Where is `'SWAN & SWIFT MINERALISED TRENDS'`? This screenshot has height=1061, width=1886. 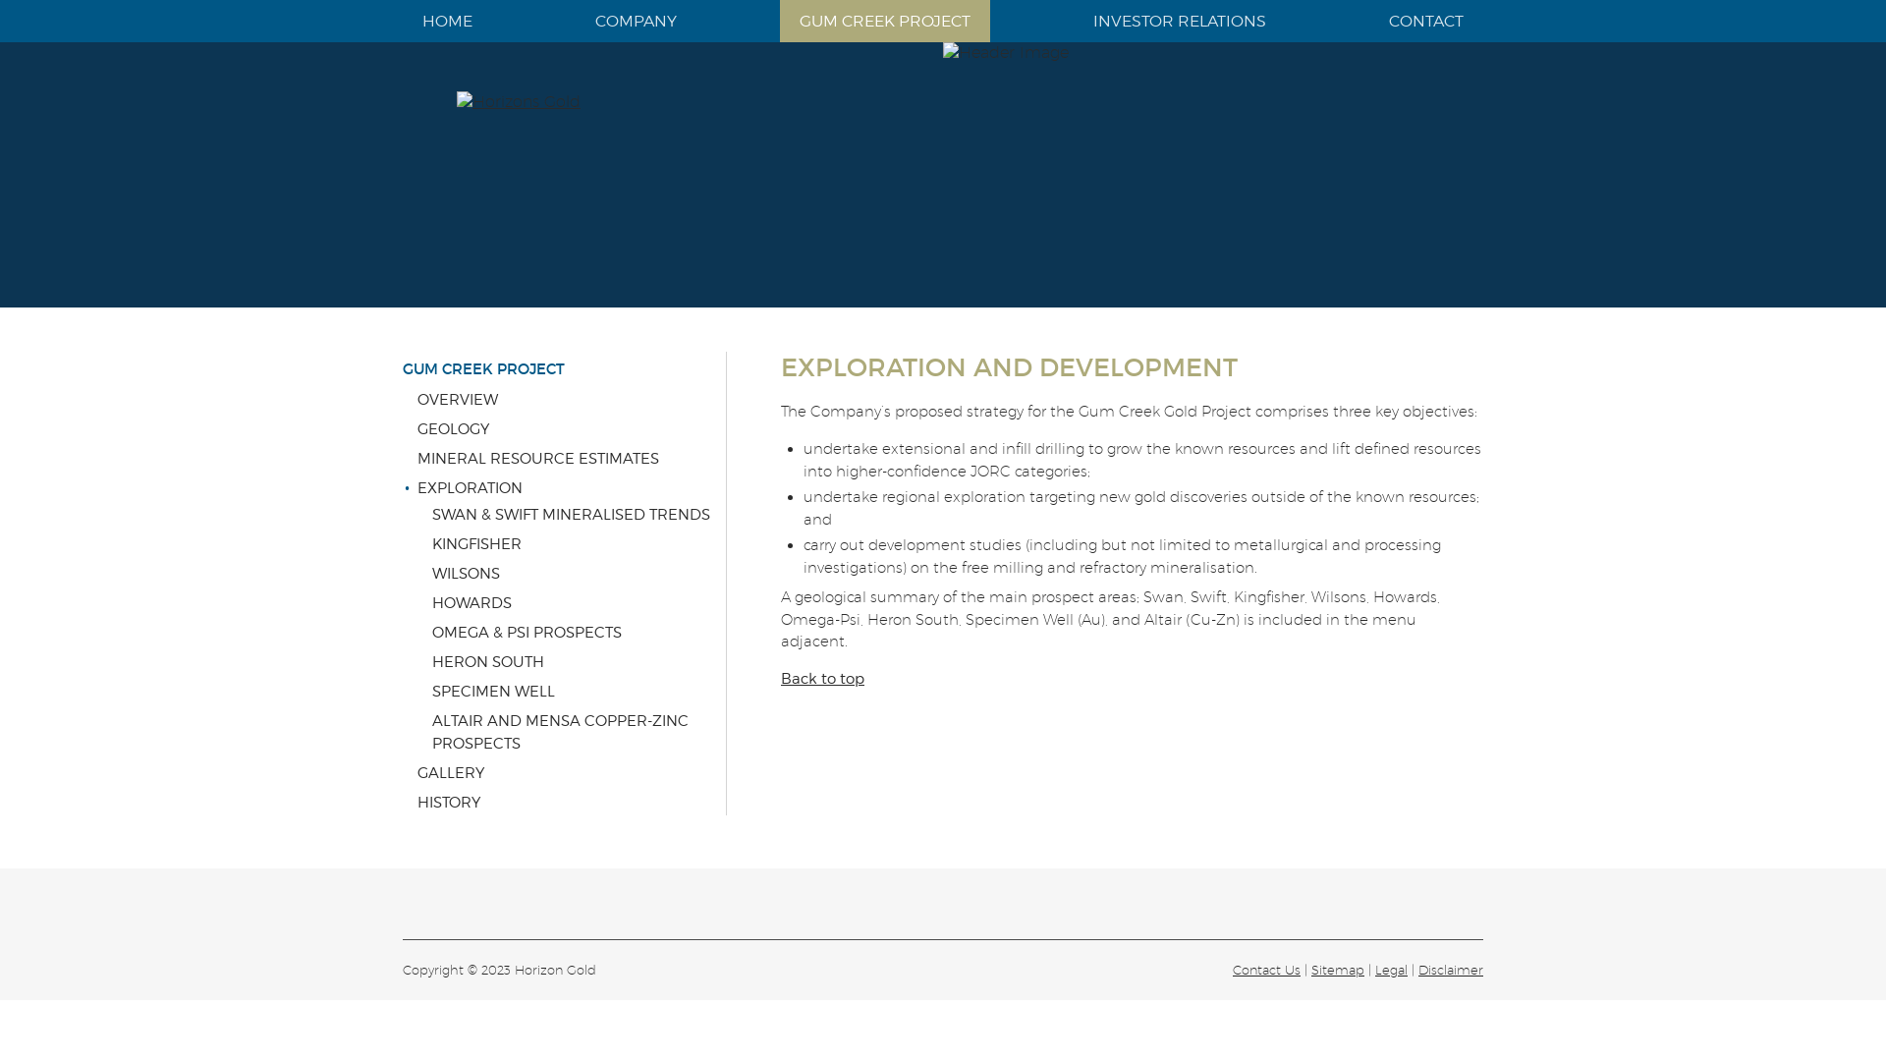
'SWAN & SWIFT MINERALISED TRENDS' is located at coordinates (578, 513).